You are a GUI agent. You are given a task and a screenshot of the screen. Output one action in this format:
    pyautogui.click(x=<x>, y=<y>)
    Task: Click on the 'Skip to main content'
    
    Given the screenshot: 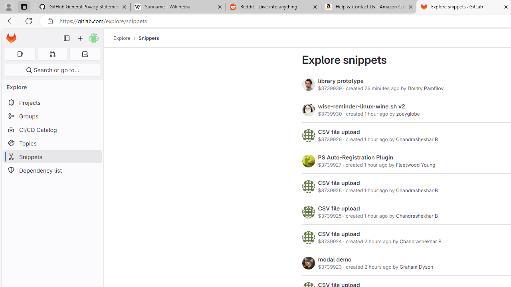 What is the action you would take?
    pyautogui.click(x=9, y=34)
    